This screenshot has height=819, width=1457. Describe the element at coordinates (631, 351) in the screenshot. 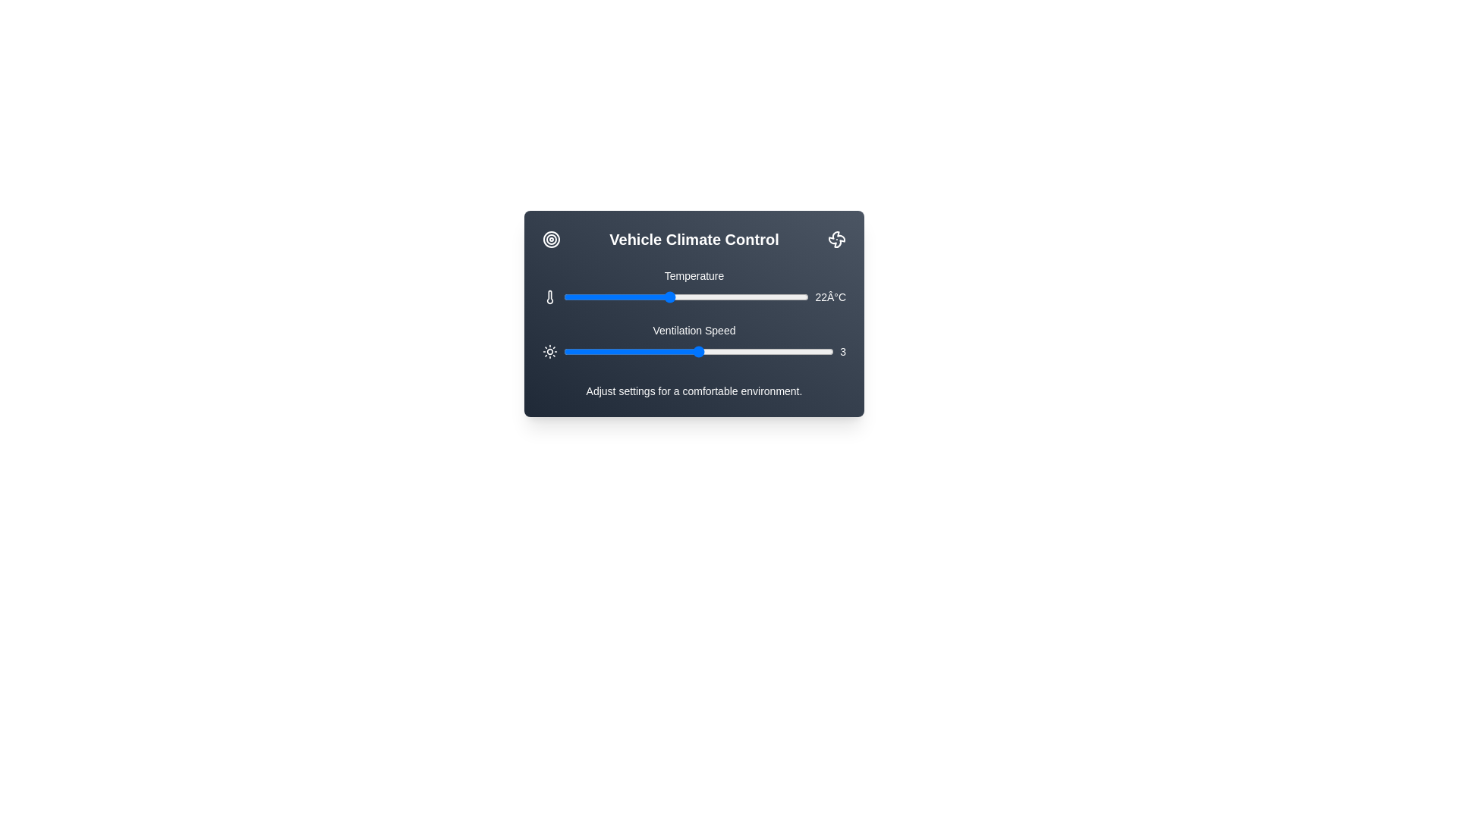

I see `the ventilation speed to 2 using the slider` at that location.